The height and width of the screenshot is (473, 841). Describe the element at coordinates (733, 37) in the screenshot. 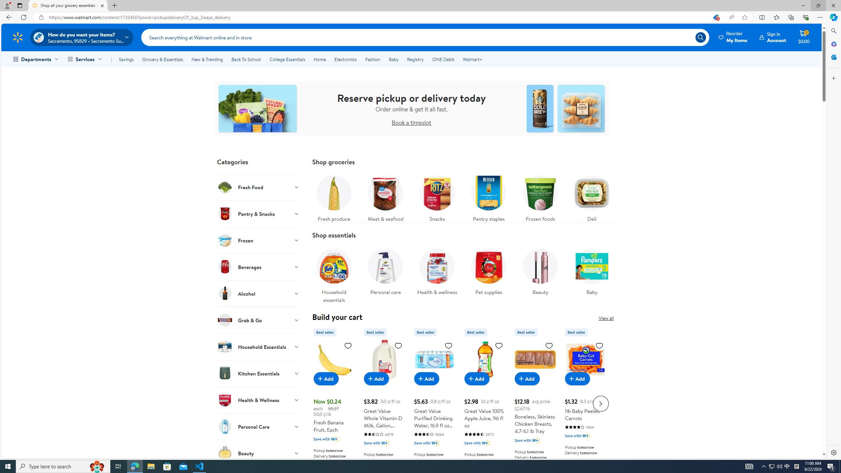

I see `'Reorder My Items'` at that location.